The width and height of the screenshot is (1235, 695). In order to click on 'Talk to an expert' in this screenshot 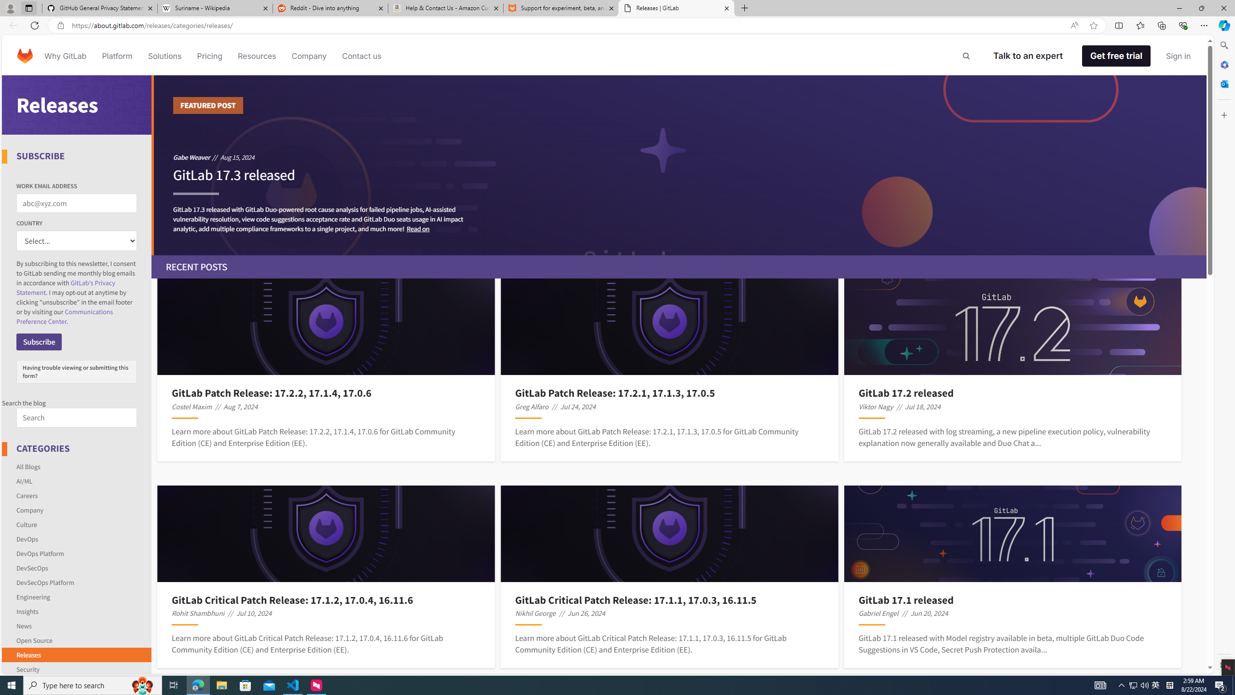, I will do `click(1028, 55)`.